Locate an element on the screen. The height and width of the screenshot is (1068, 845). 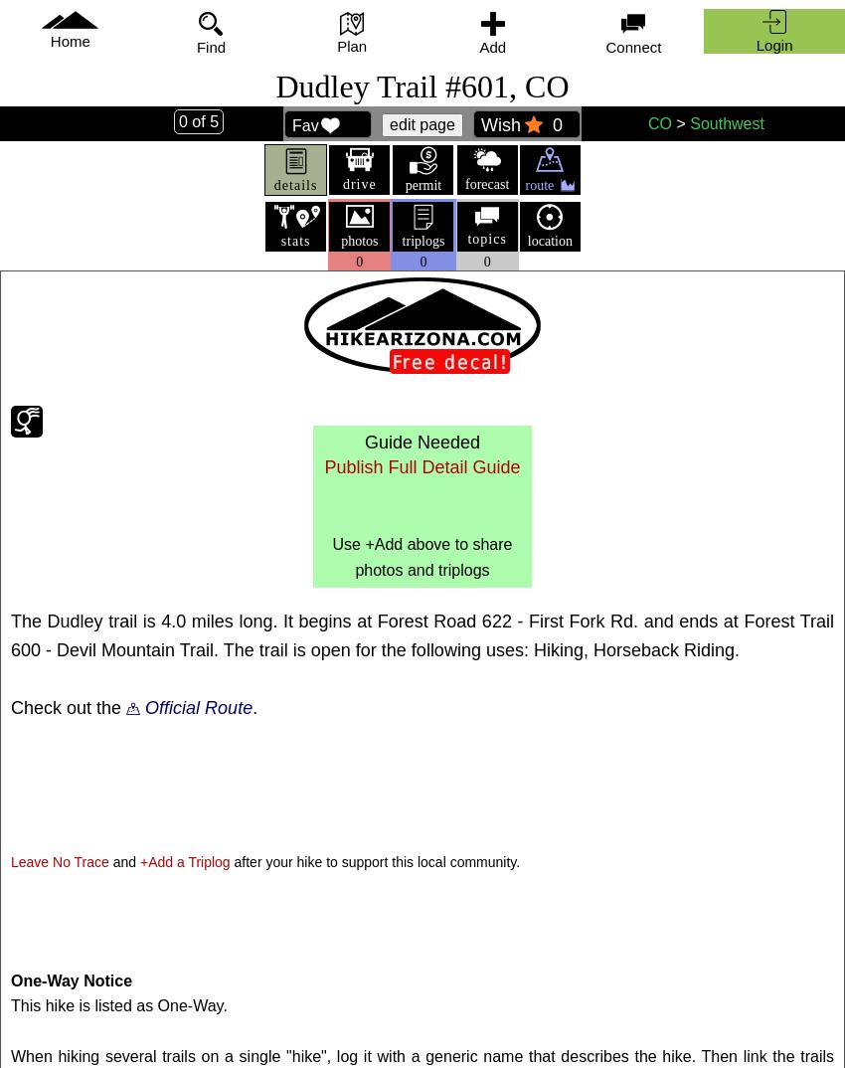
'location' is located at coordinates (548, 240).